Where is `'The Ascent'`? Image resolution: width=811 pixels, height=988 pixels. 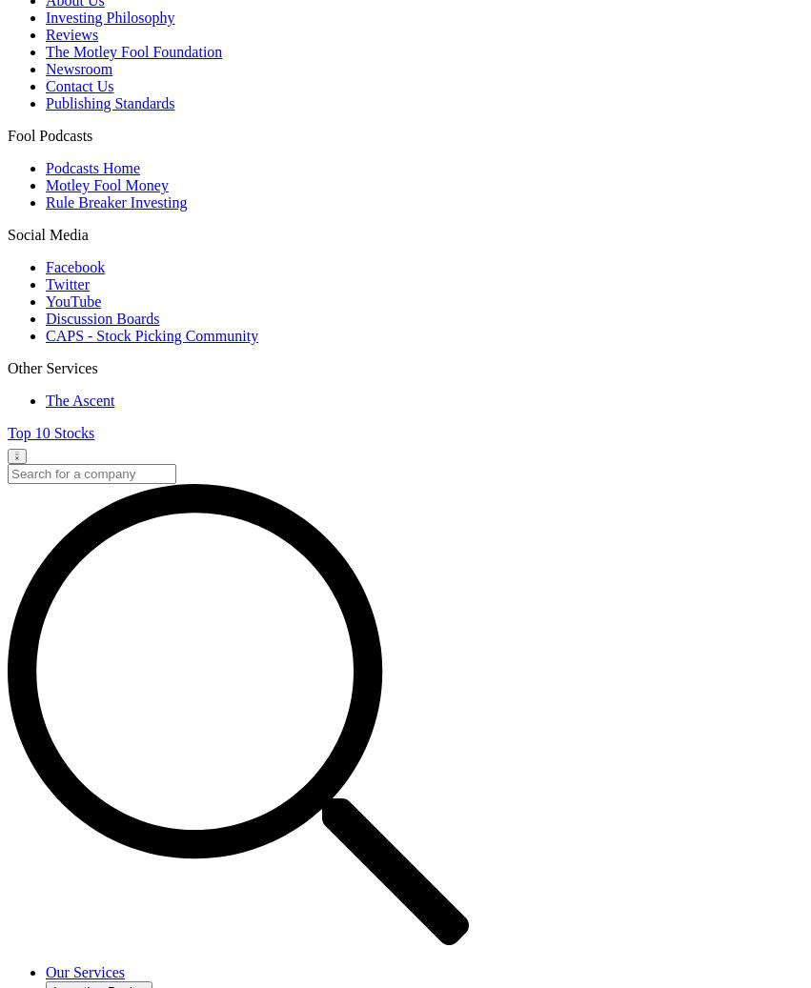 'The Ascent' is located at coordinates (78, 399).